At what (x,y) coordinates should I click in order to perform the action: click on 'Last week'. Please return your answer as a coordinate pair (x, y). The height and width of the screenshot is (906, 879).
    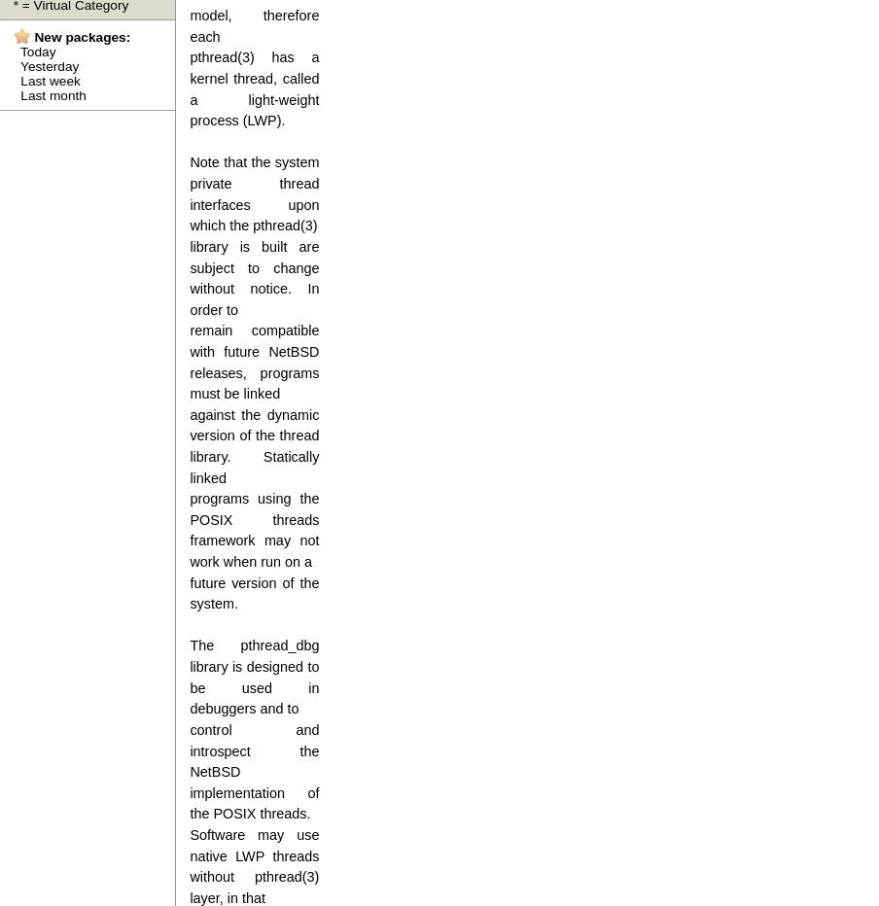
    Looking at the image, I should click on (49, 80).